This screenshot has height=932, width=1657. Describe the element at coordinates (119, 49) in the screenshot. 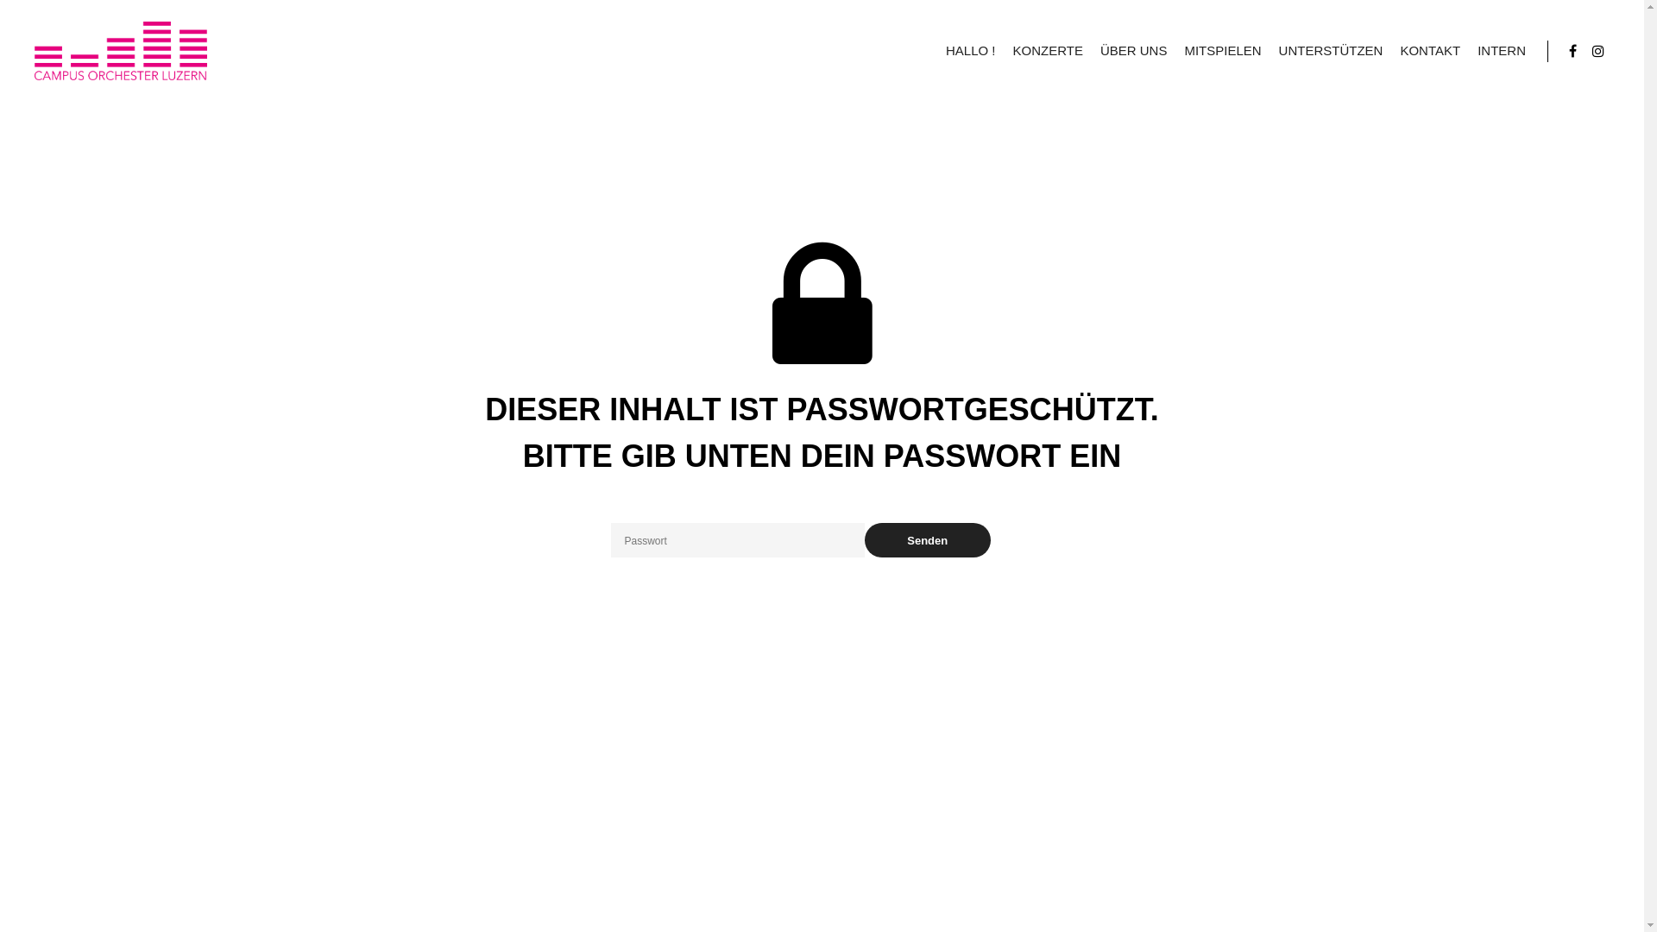

I see `'Campus Orchester Luzern'` at that location.